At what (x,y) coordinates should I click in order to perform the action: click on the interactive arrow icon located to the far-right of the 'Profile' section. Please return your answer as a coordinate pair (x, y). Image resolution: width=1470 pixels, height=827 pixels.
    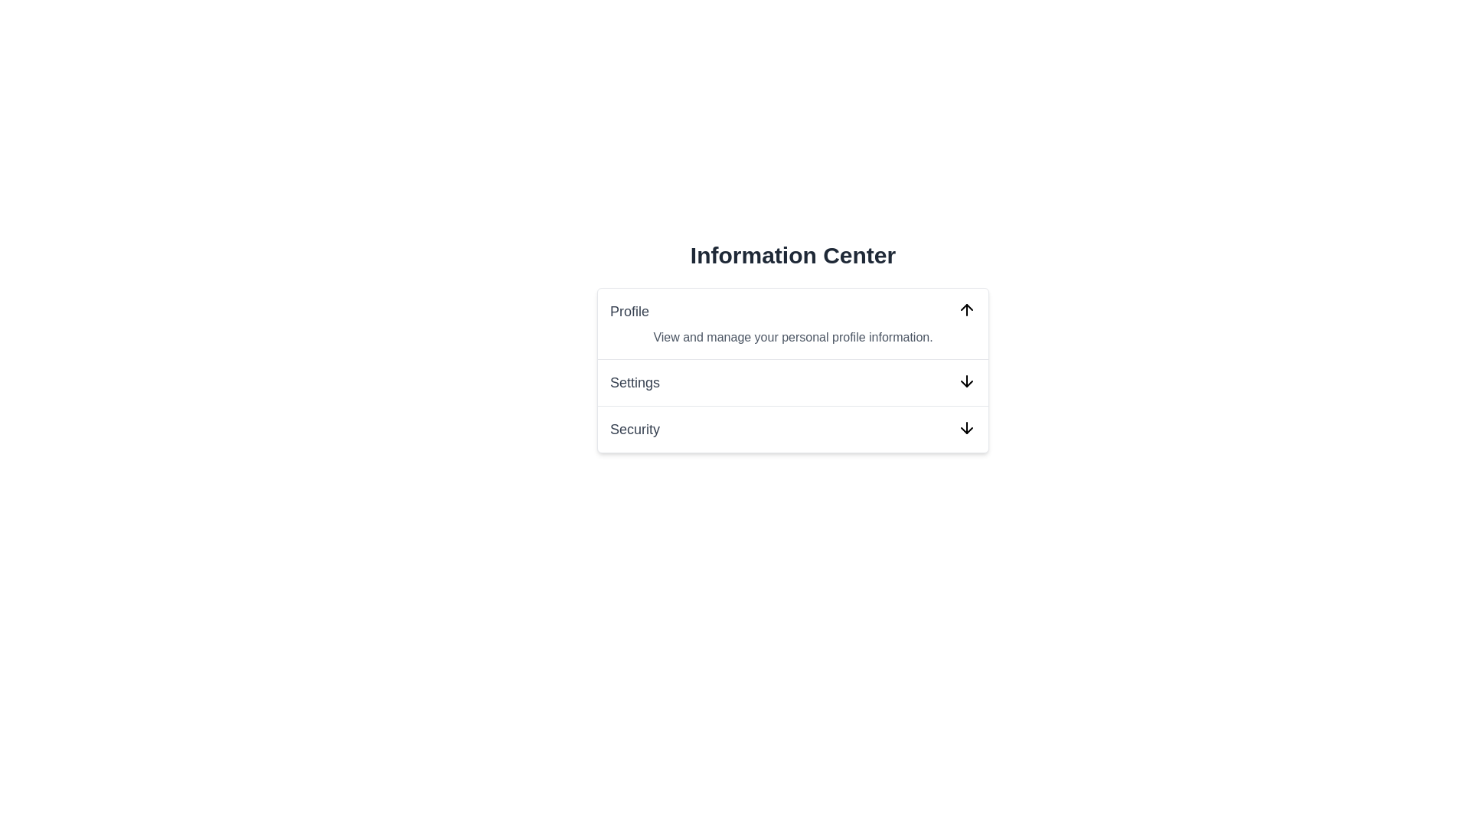
    Looking at the image, I should click on (965, 310).